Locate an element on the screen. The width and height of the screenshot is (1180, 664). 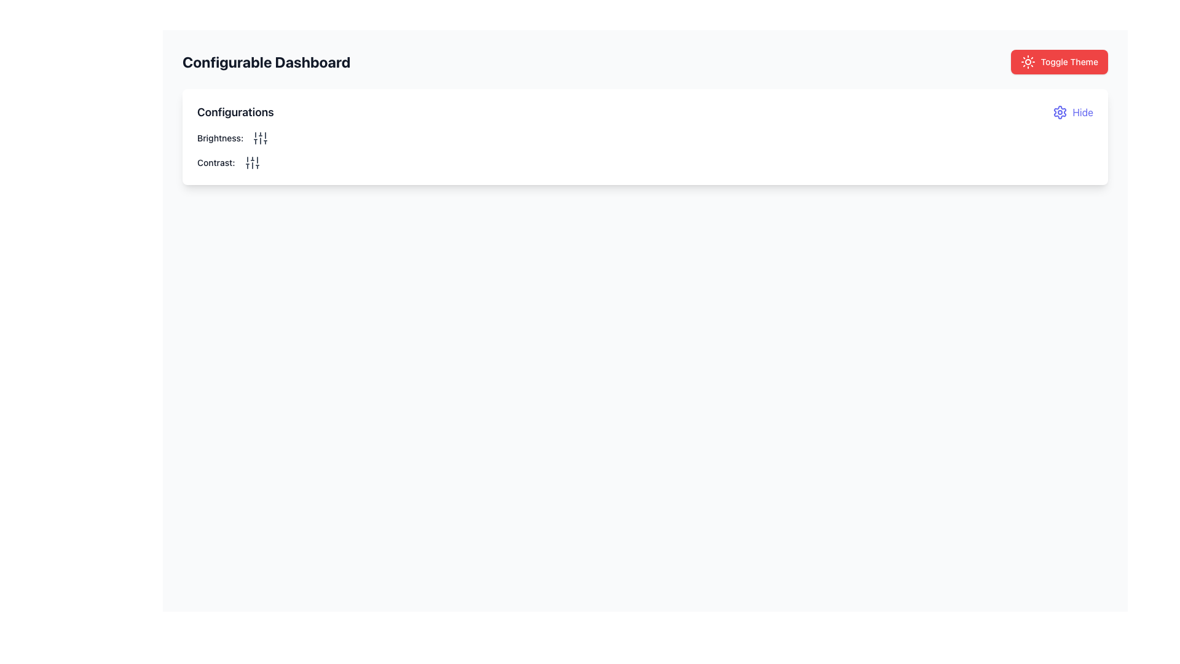
the static text label indicating contrast settings in the 'Configurations' section, located on the left side of the second row is located at coordinates (216, 162).